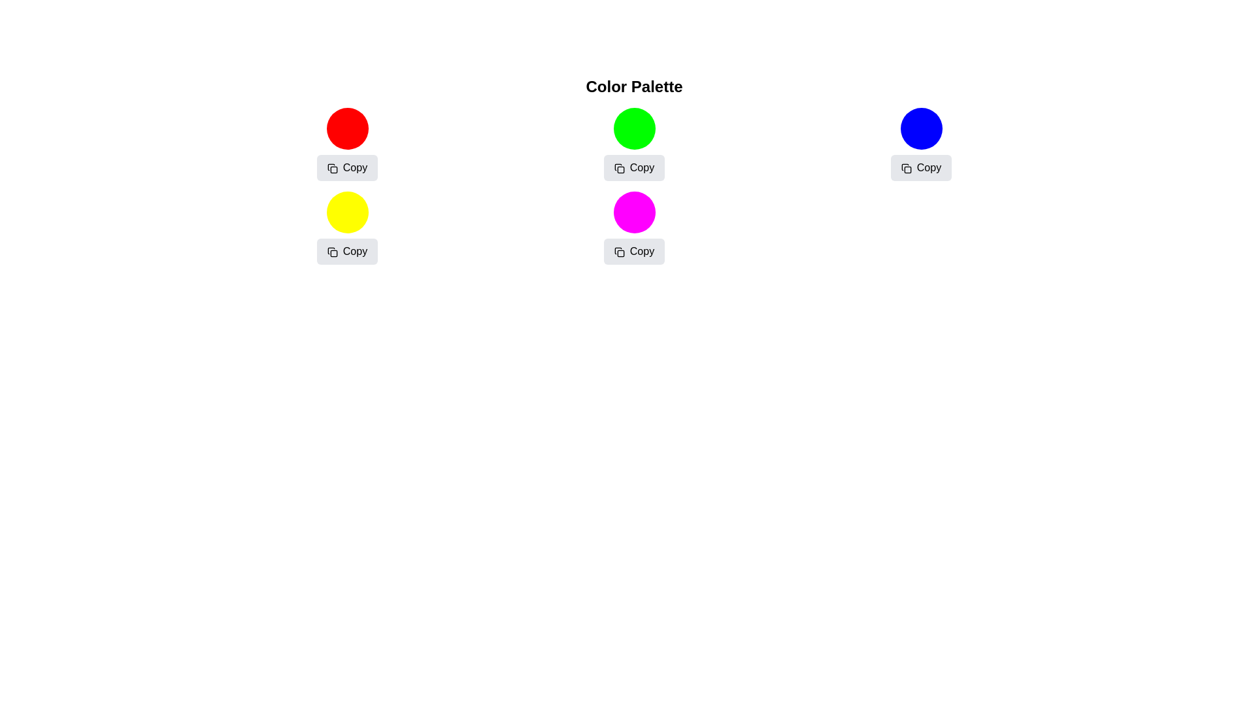 The width and height of the screenshot is (1255, 706). I want to click on the copy button located below the circular blue element, so click(920, 167).